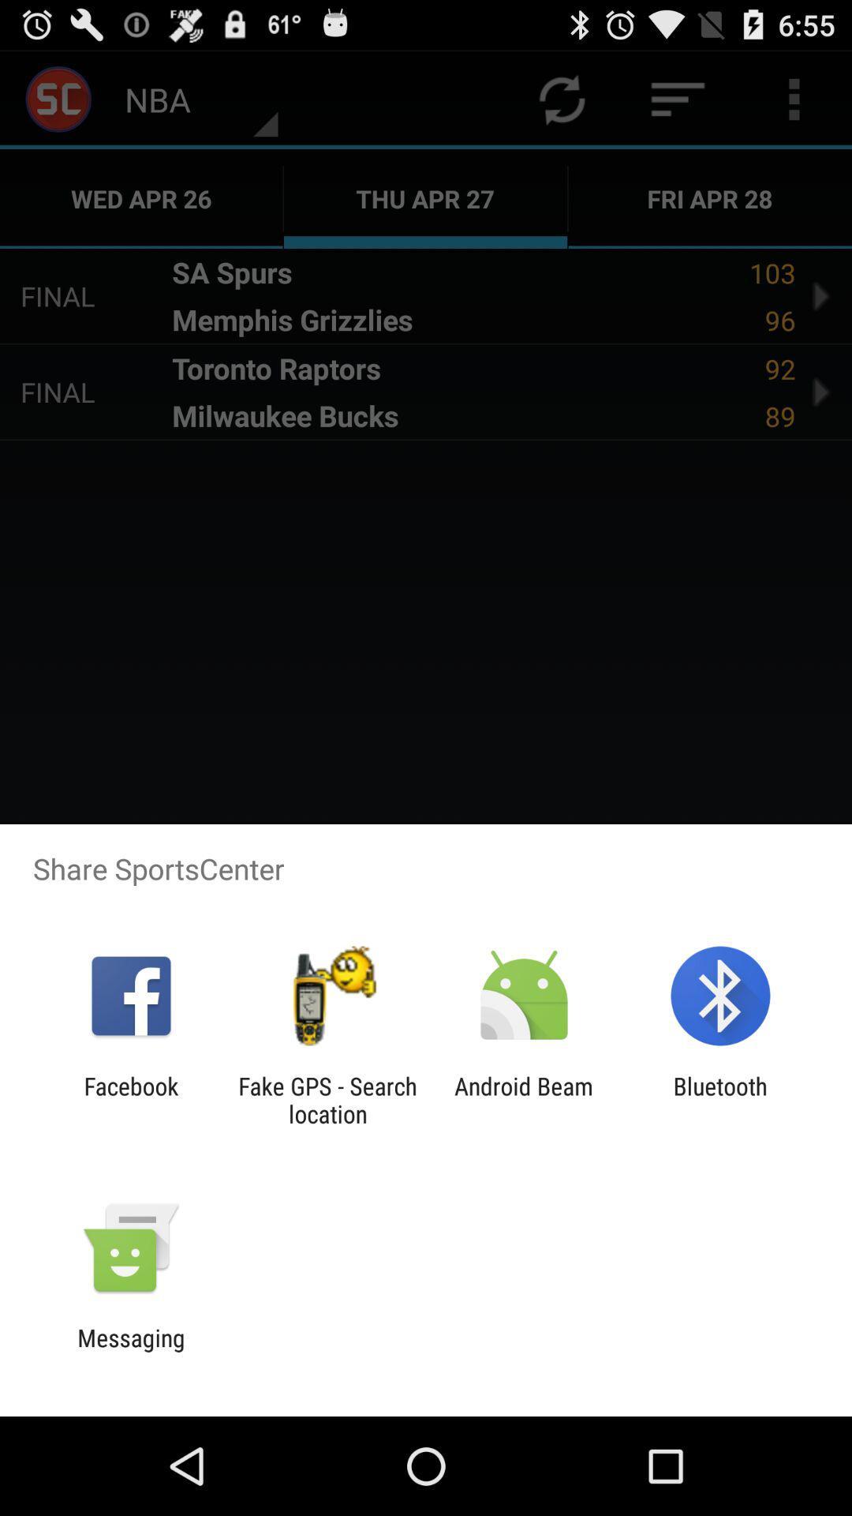 This screenshot has width=852, height=1516. What do you see at coordinates (327, 1099) in the screenshot?
I see `the icon next to android beam` at bounding box center [327, 1099].